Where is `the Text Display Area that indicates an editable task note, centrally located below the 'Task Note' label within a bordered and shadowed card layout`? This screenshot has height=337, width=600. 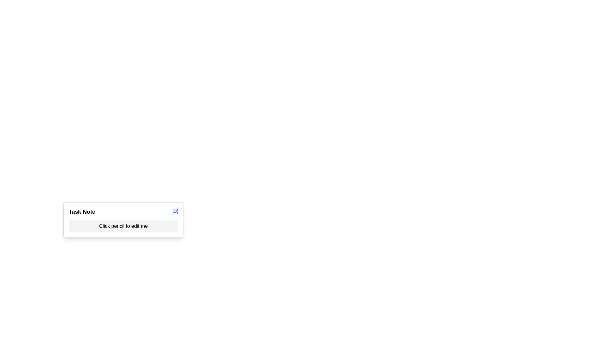 the Text Display Area that indicates an editable task note, centrally located below the 'Task Note' label within a bordered and shadowed card layout is located at coordinates (123, 226).